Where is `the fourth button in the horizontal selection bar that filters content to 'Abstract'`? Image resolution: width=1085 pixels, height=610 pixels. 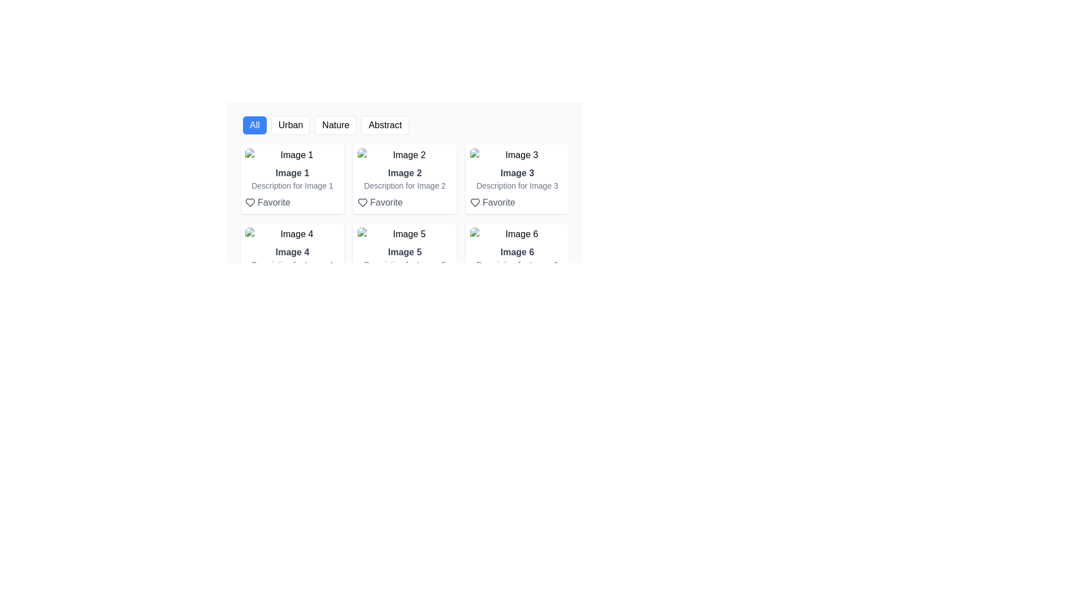
the fourth button in the horizontal selection bar that filters content to 'Abstract' is located at coordinates (405, 125).